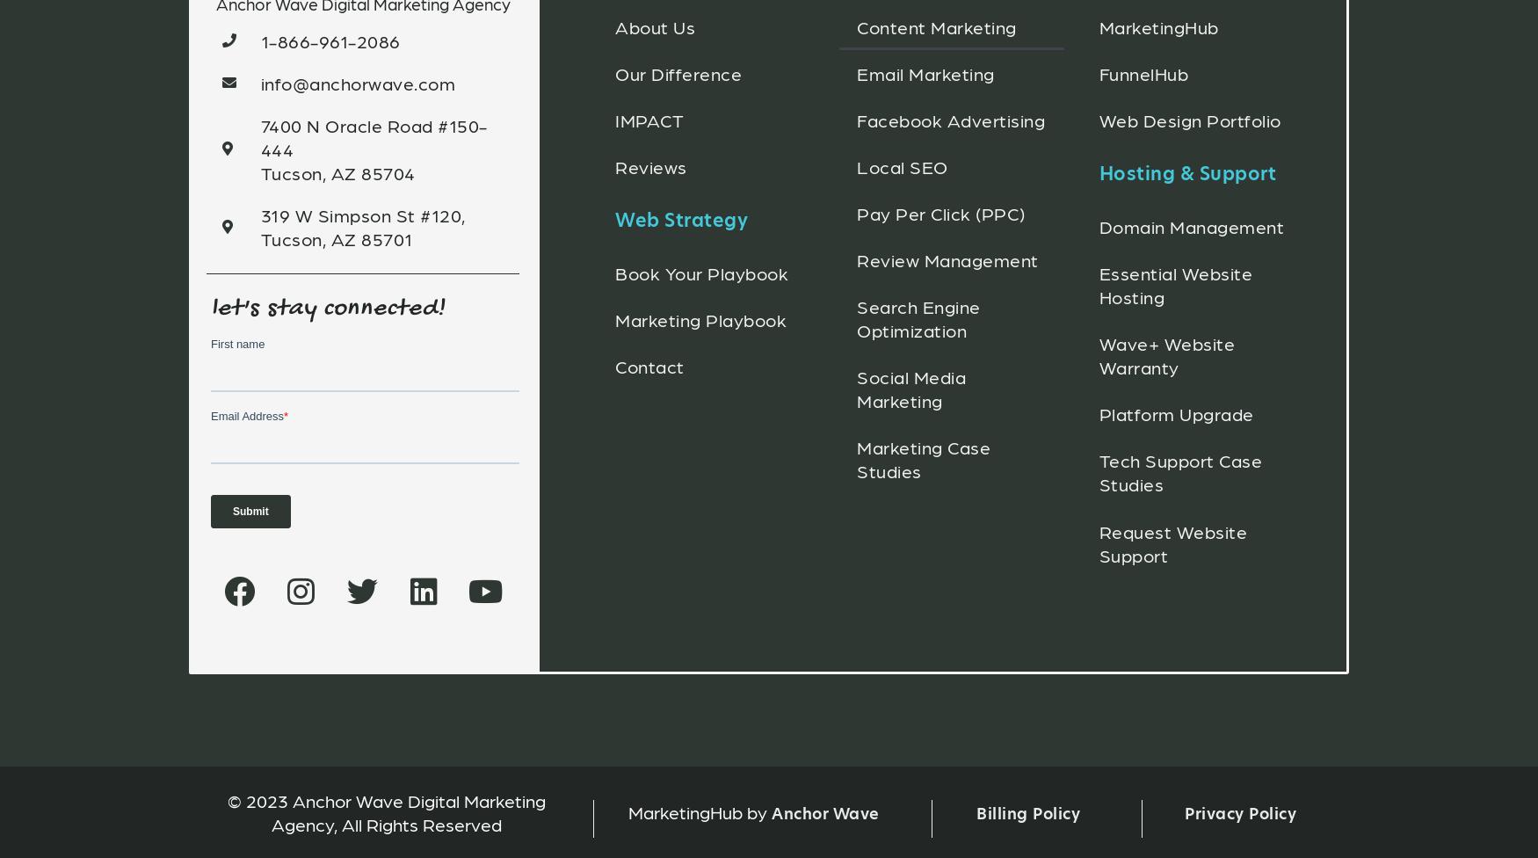  Describe the element at coordinates (227, 811) in the screenshot. I see `'© 2023 Anchor Wave Digital Marketing Agency, All Rights Reserved'` at that location.